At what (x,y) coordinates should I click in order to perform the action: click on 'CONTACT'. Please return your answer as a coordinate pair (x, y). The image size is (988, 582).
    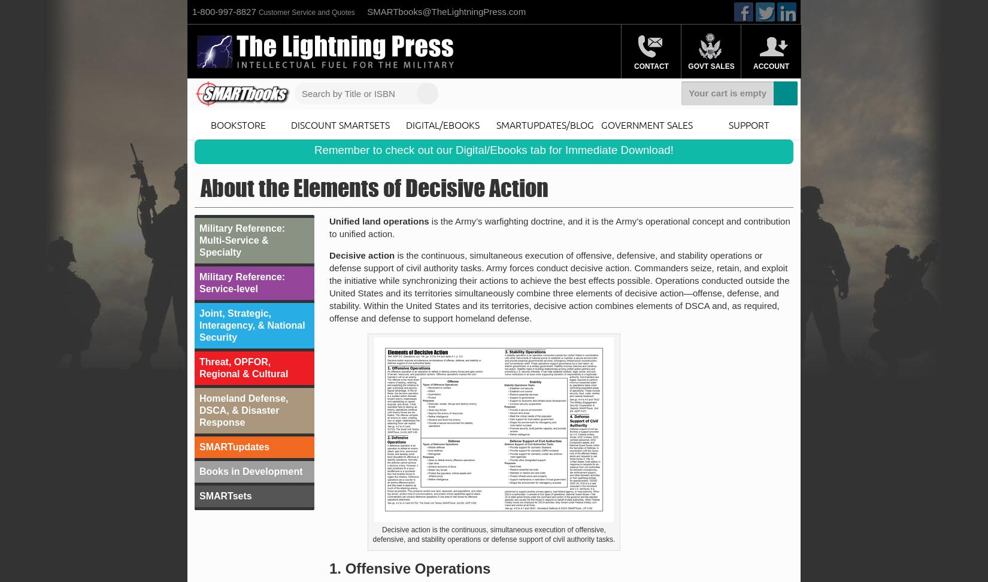
    Looking at the image, I should click on (651, 66).